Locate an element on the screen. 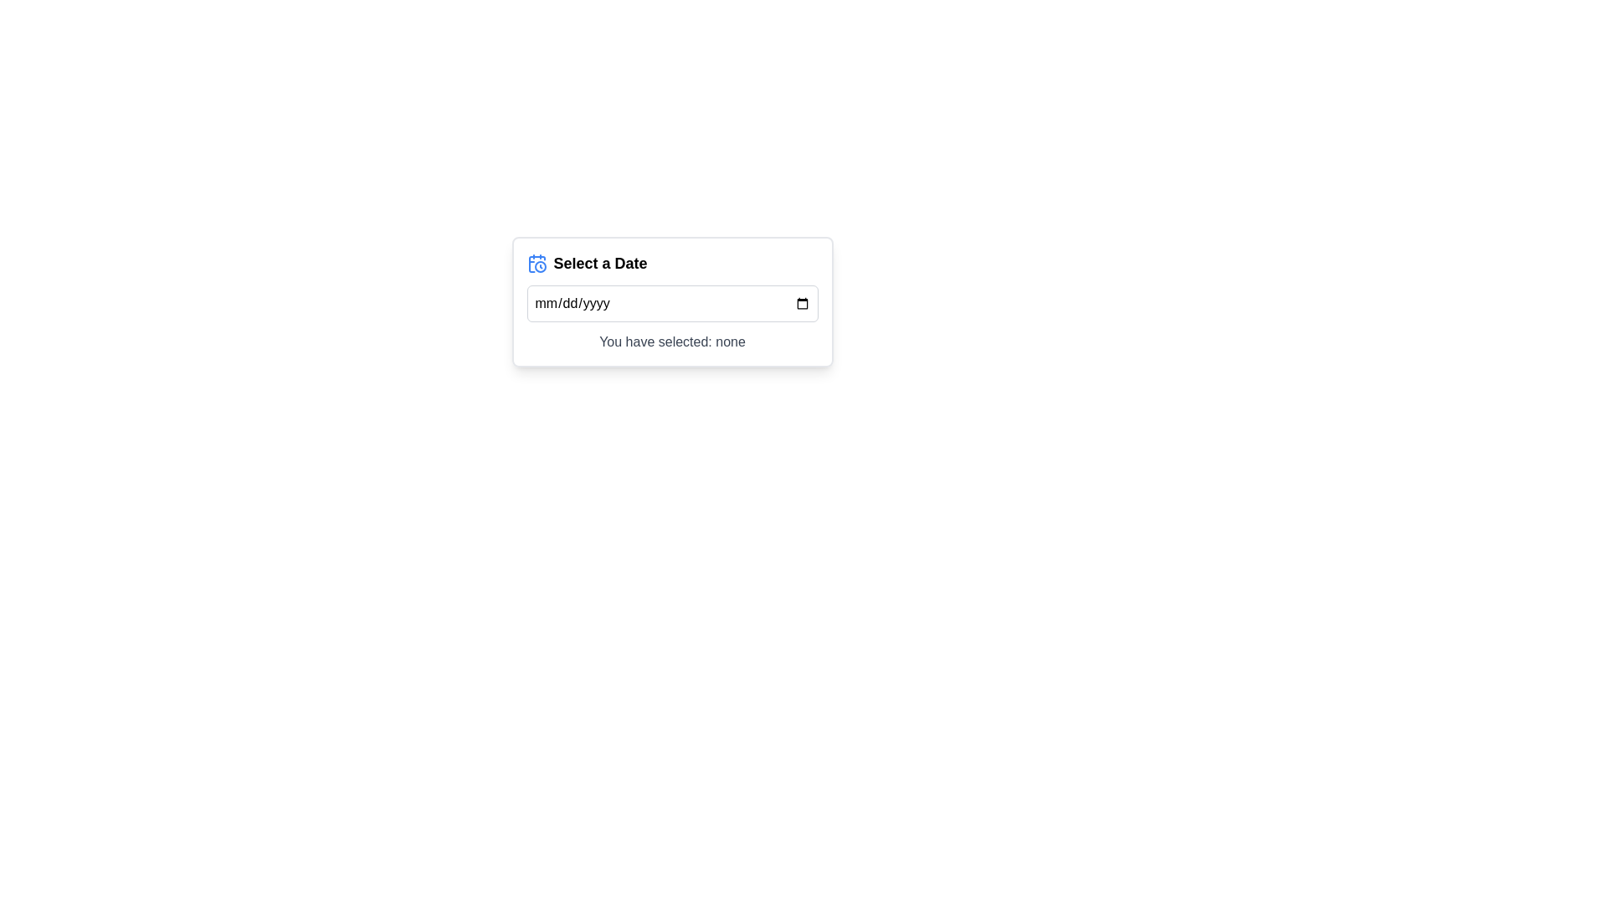 Image resolution: width=1607 pixels, height=904 pixels. the blue calendar-clock icon located at the far-left of the text 'Select a Date' is located at coordinates (537, 264).